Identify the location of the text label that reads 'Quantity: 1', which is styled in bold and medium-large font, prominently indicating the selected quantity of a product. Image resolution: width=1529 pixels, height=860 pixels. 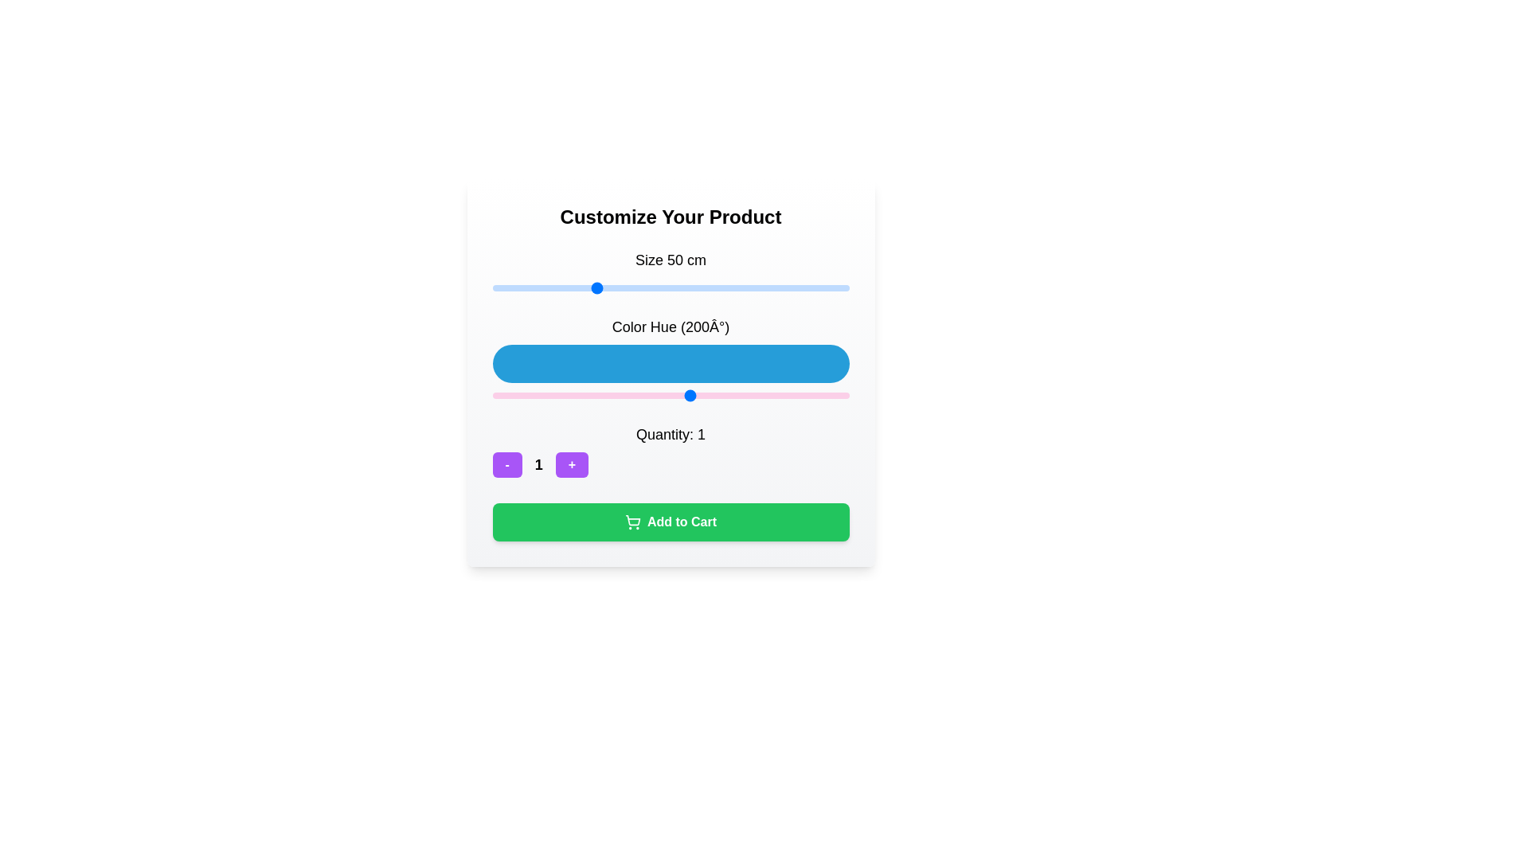
(671, 435).